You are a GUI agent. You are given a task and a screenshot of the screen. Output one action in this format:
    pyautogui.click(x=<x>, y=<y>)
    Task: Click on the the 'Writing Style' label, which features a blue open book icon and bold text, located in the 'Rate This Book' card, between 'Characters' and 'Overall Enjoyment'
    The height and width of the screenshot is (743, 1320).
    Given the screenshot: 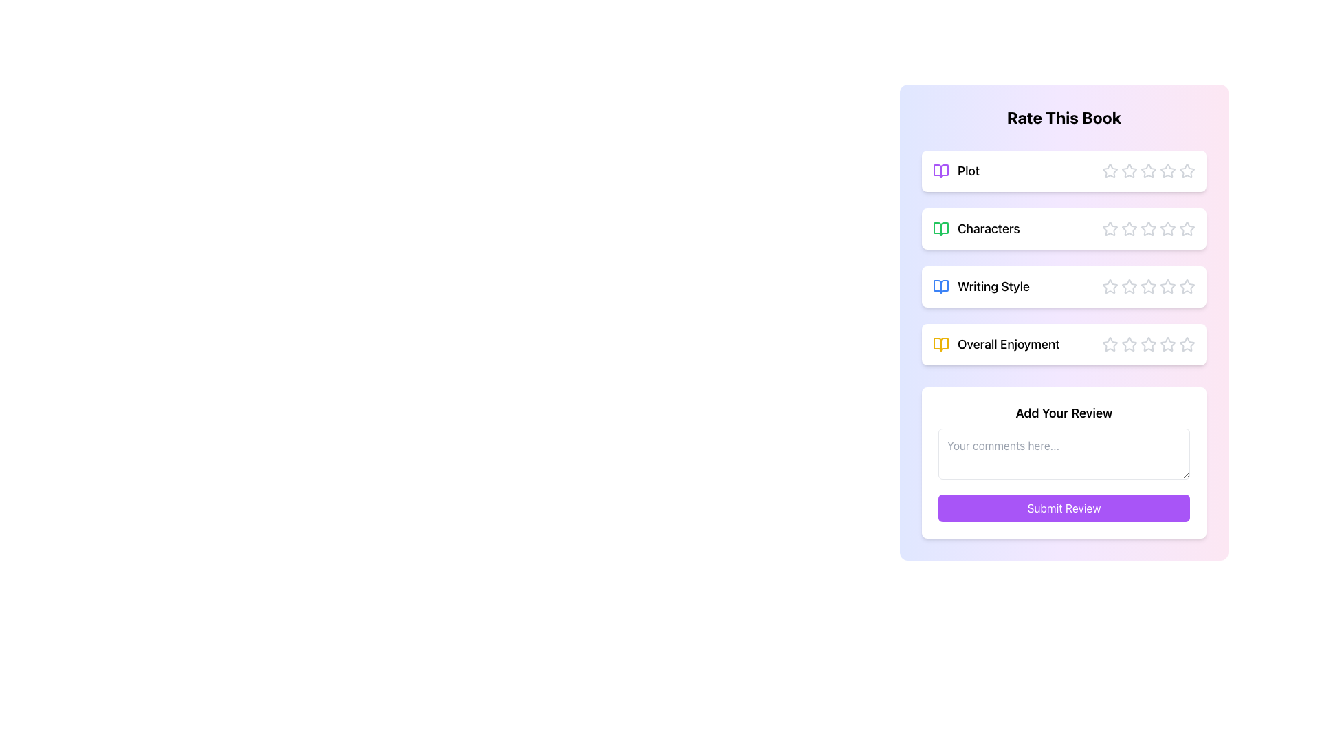 What is the action you would take?
    pyautogui.click(x=980, y=286)
    